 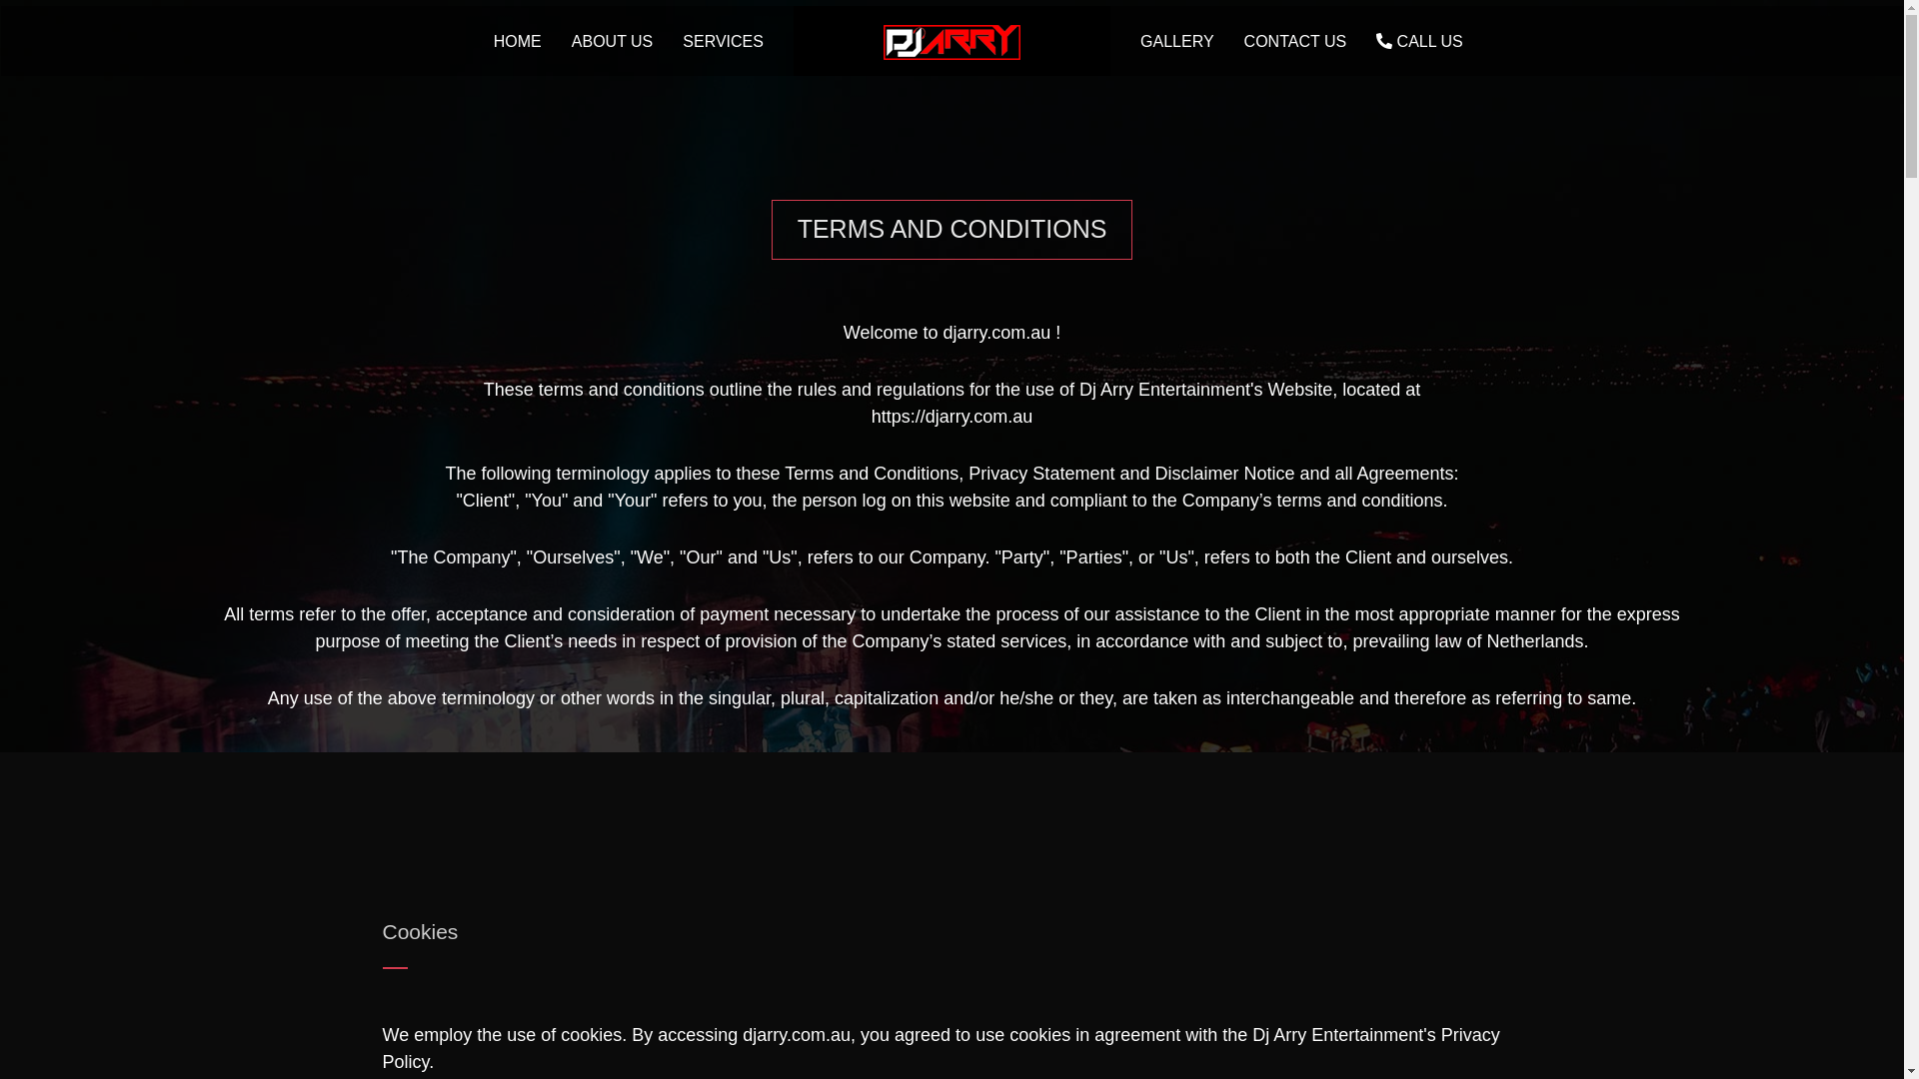 What do you see at coordinates (478, 41) in the screenshot?
I see `'HOME'` at bounding box center [478, 41].